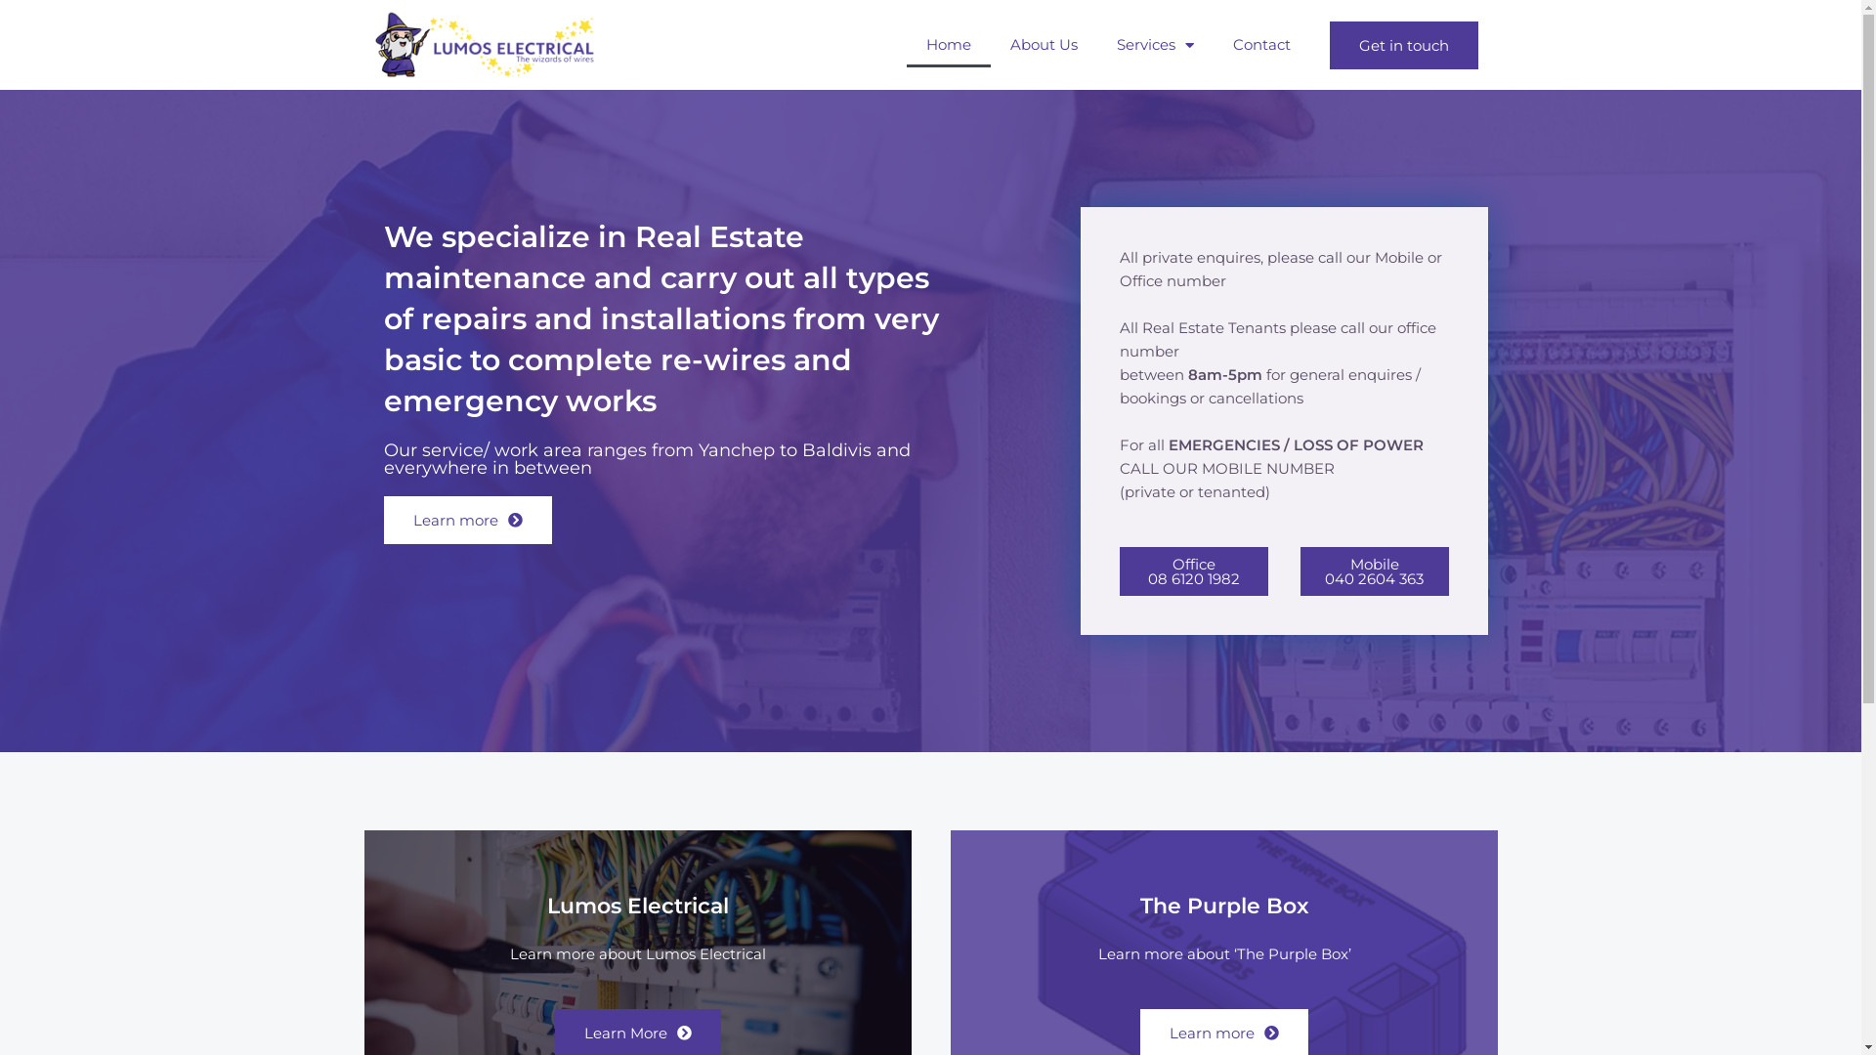 Image resolution: width=1876 pixels, height=1055 pixels. I want to click on 'Get in touch', so click(1401, 44).